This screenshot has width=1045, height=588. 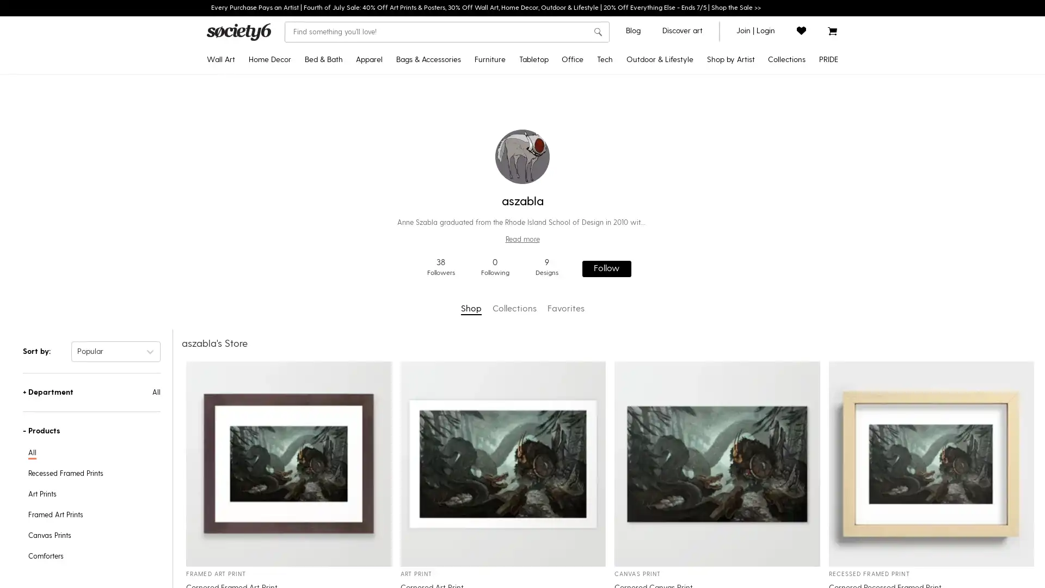 I want to click on -Products, so click(x=91, y=430).